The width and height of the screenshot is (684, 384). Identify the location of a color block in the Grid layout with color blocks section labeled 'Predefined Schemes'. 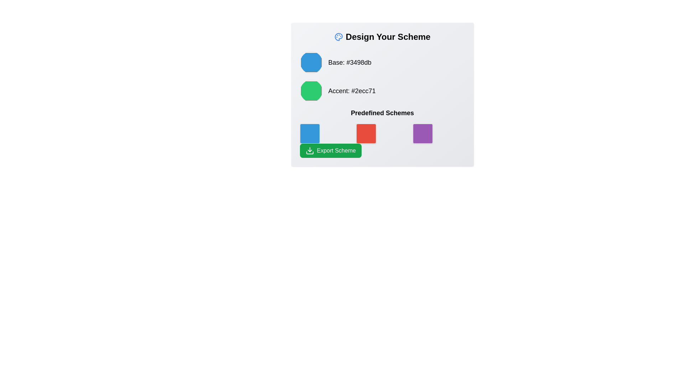
(382, 97).